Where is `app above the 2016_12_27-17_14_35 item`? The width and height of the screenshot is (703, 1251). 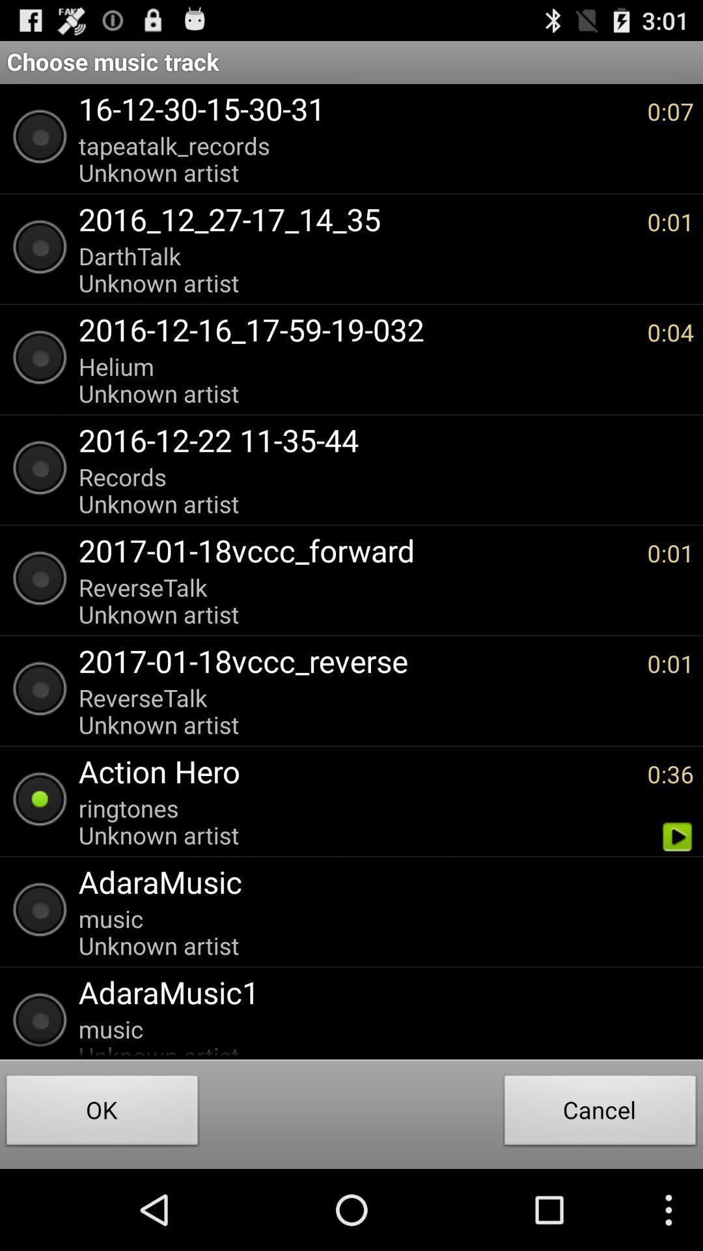 app above the 2016_12_27-17_14_35 item is located at coordinates (356, 158).